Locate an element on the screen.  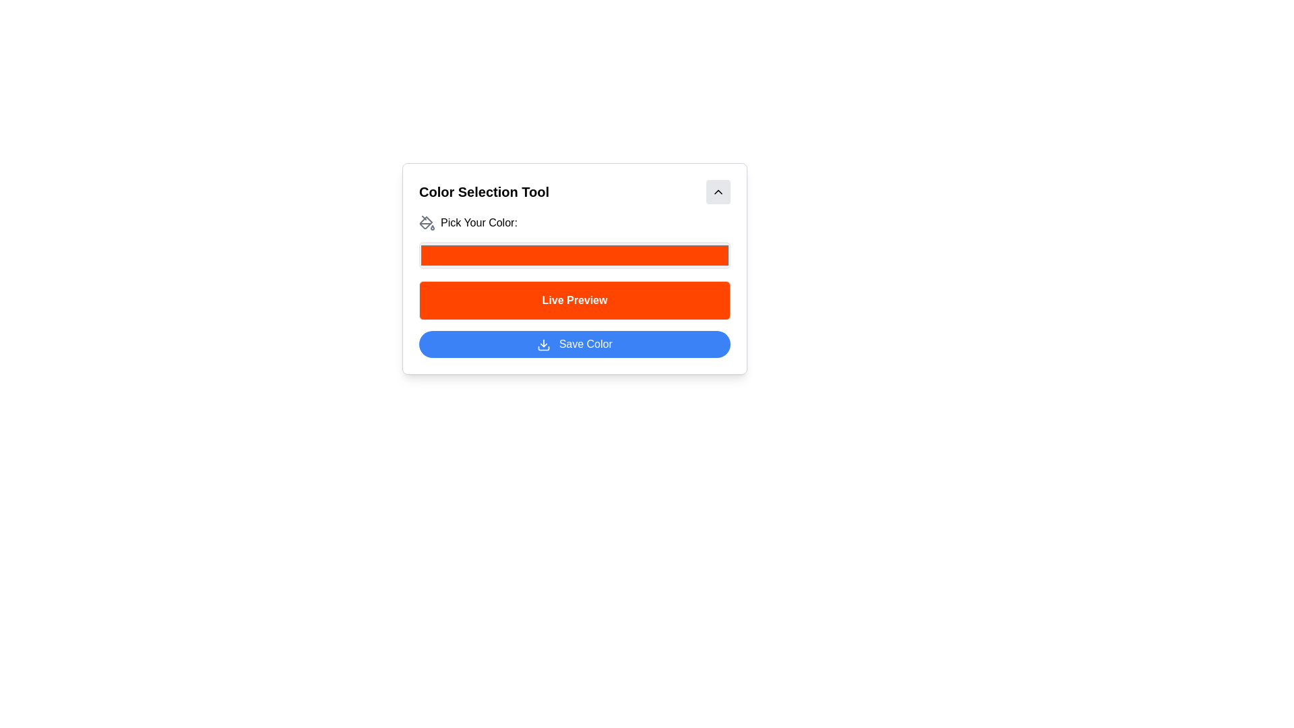
the 'Live Preview' button, which is a rectangular button with a bright orange background and white bold text, located below the orange color input field is located at coordinates (575, 300).